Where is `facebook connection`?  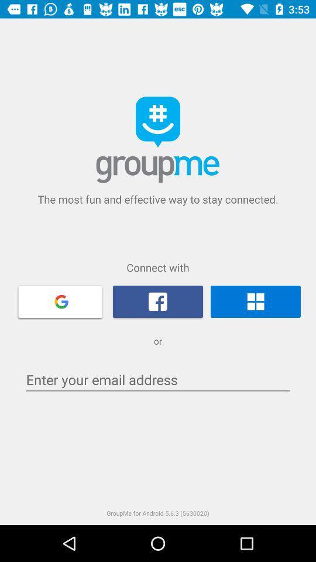
facebook connection is located at coordinates (158, 301).